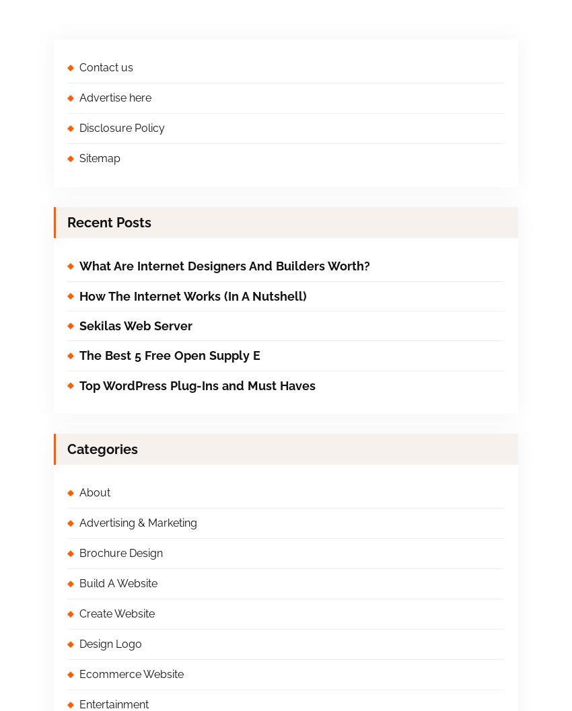 The height and width of the screenshot is (711, 572). What do you see at coordinates (137, 523) in the screenshot?
I see `'Advertising & Marketing'` at bounding box center [137, 523].